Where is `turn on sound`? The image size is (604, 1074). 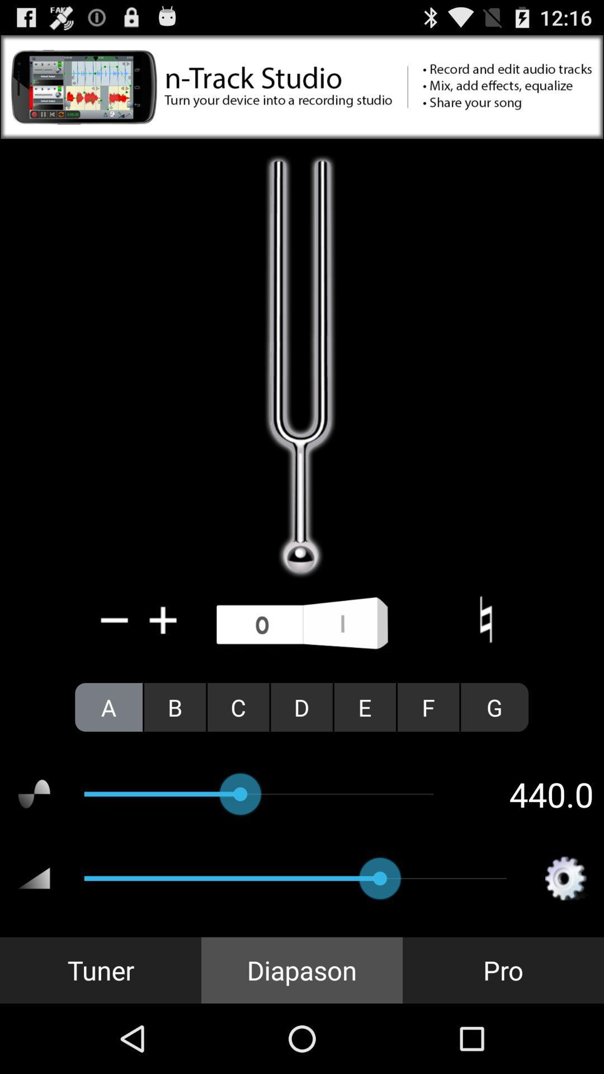
turn on sound is located at coordinates (302, 624).